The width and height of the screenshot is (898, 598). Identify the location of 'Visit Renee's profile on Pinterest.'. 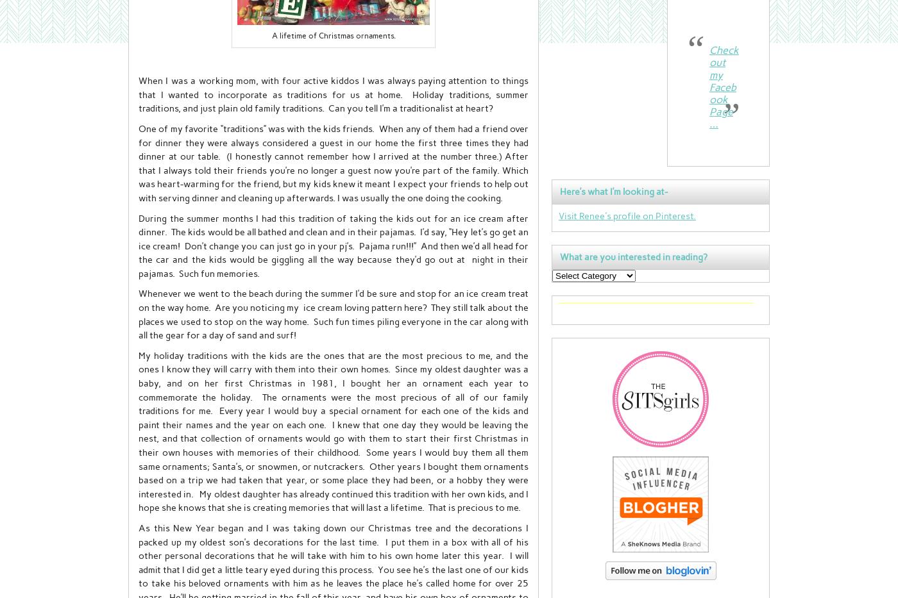
(627, 214).